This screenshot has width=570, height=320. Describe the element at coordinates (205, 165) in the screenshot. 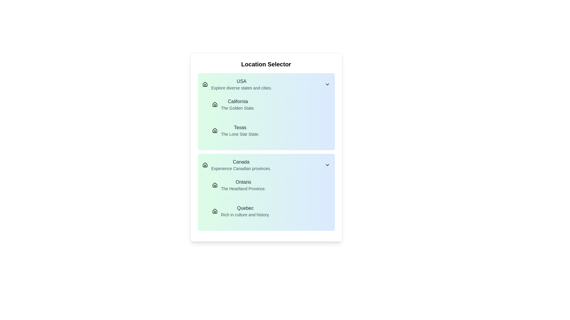

I see `the house-shaped icon representing the home or starting point, located at the top-left corner of the 'Canada' group, adjacent to the title 'Canada'` at that location.